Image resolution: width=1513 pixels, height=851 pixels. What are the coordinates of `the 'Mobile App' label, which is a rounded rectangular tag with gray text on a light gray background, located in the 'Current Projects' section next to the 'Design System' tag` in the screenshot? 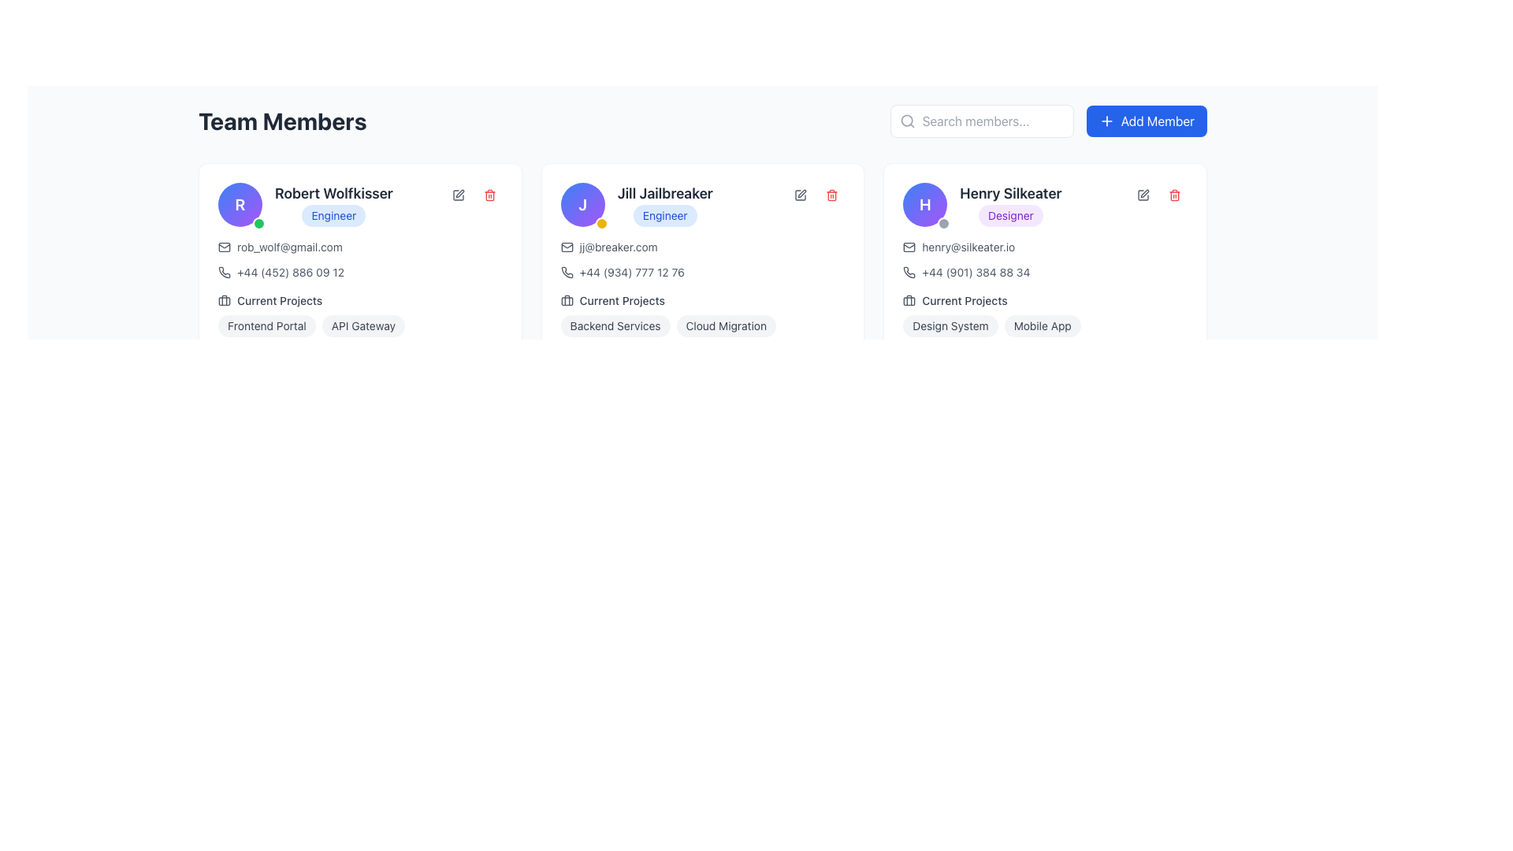 It's located at (1043, 325).